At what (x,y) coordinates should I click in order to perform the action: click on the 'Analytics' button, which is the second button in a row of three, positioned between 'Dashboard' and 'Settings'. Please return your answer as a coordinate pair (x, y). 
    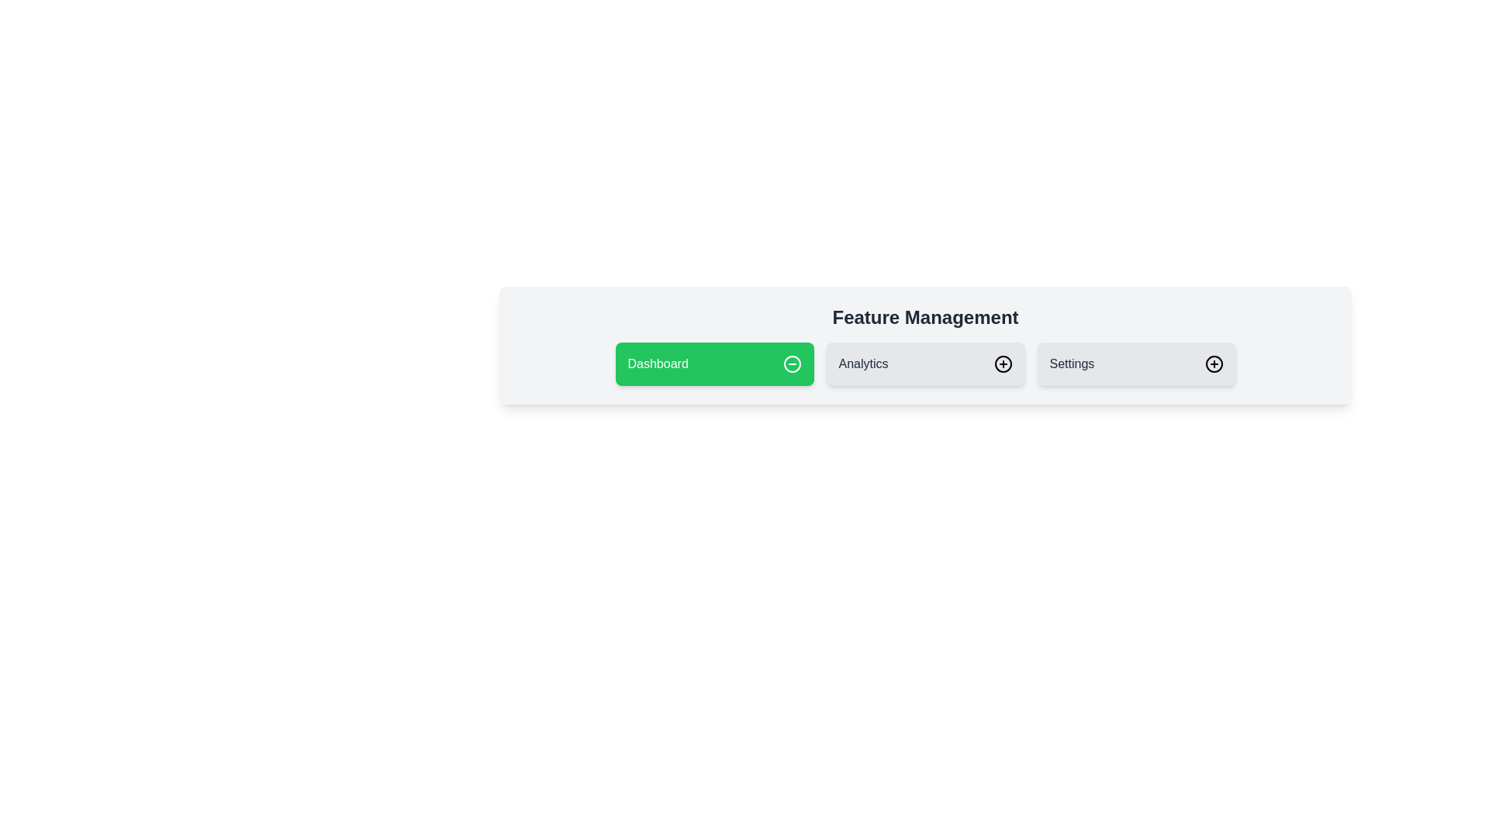
    Looking at the image, I should click on (925, 364).